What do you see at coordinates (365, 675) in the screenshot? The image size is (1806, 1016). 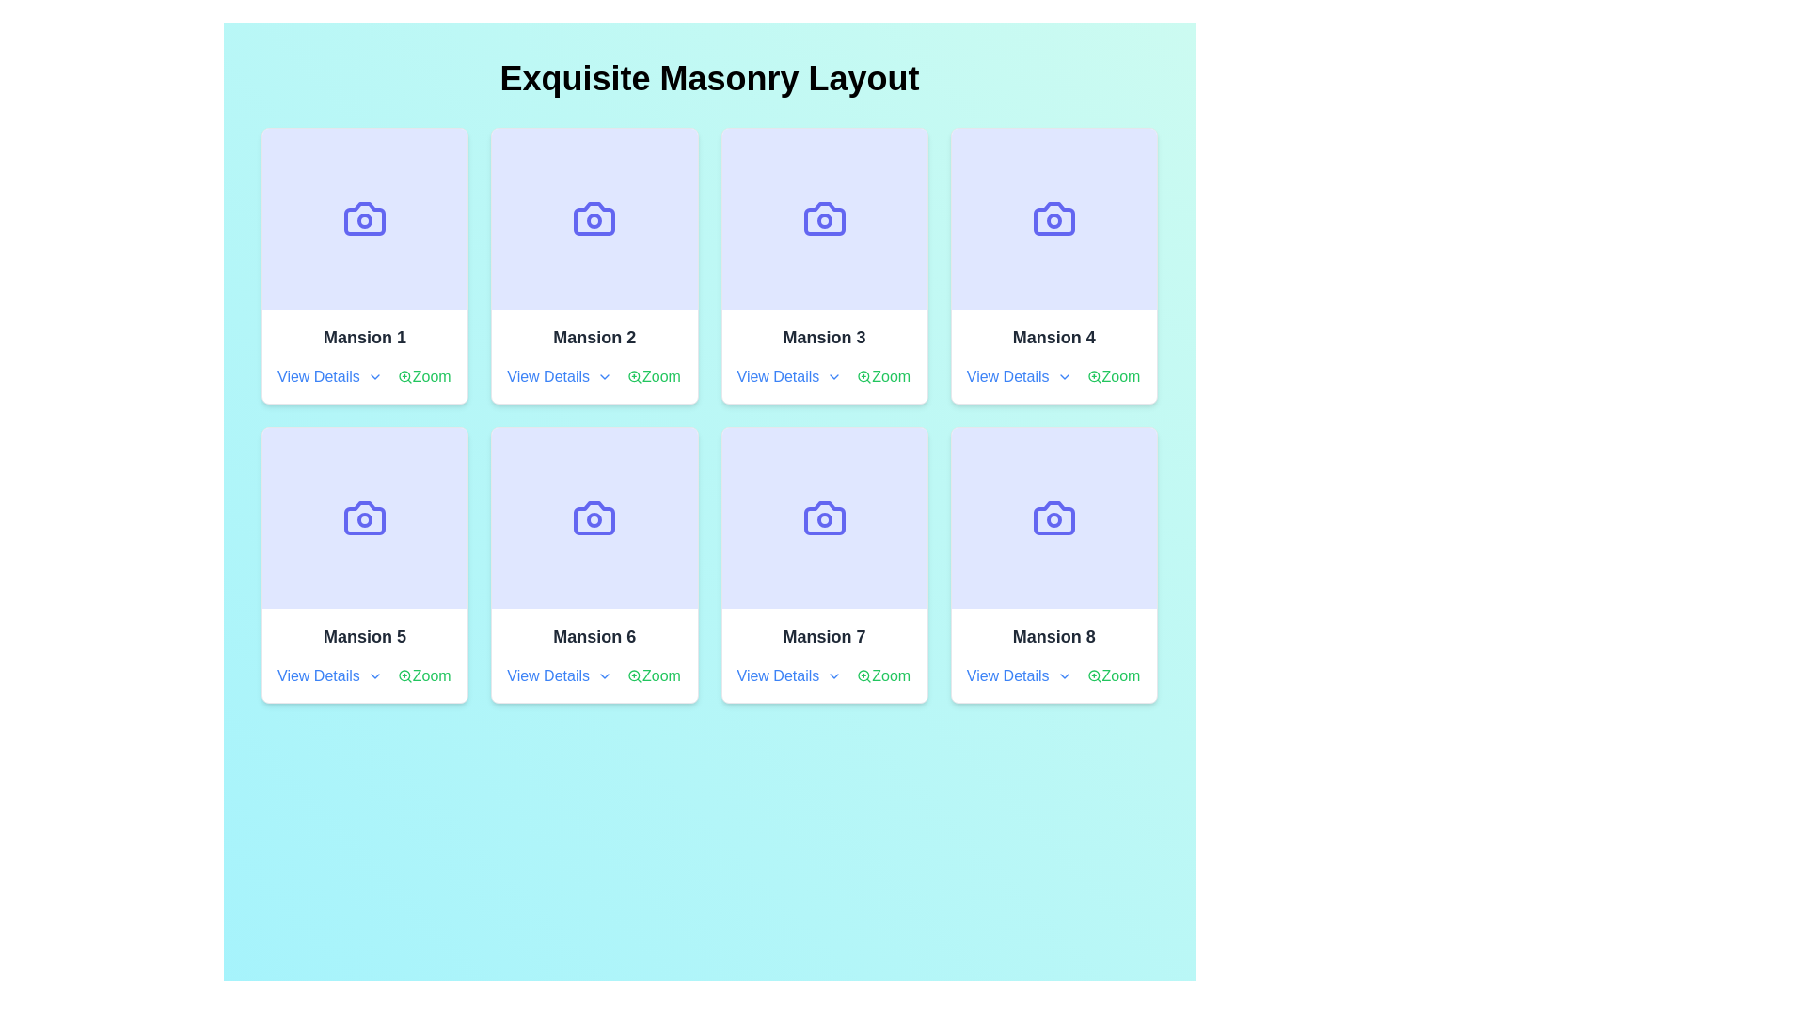 I see `the chevron-down icon located below the title of the 'Mansion 5' card in the interactive link group` at bounding box center [365, 675].